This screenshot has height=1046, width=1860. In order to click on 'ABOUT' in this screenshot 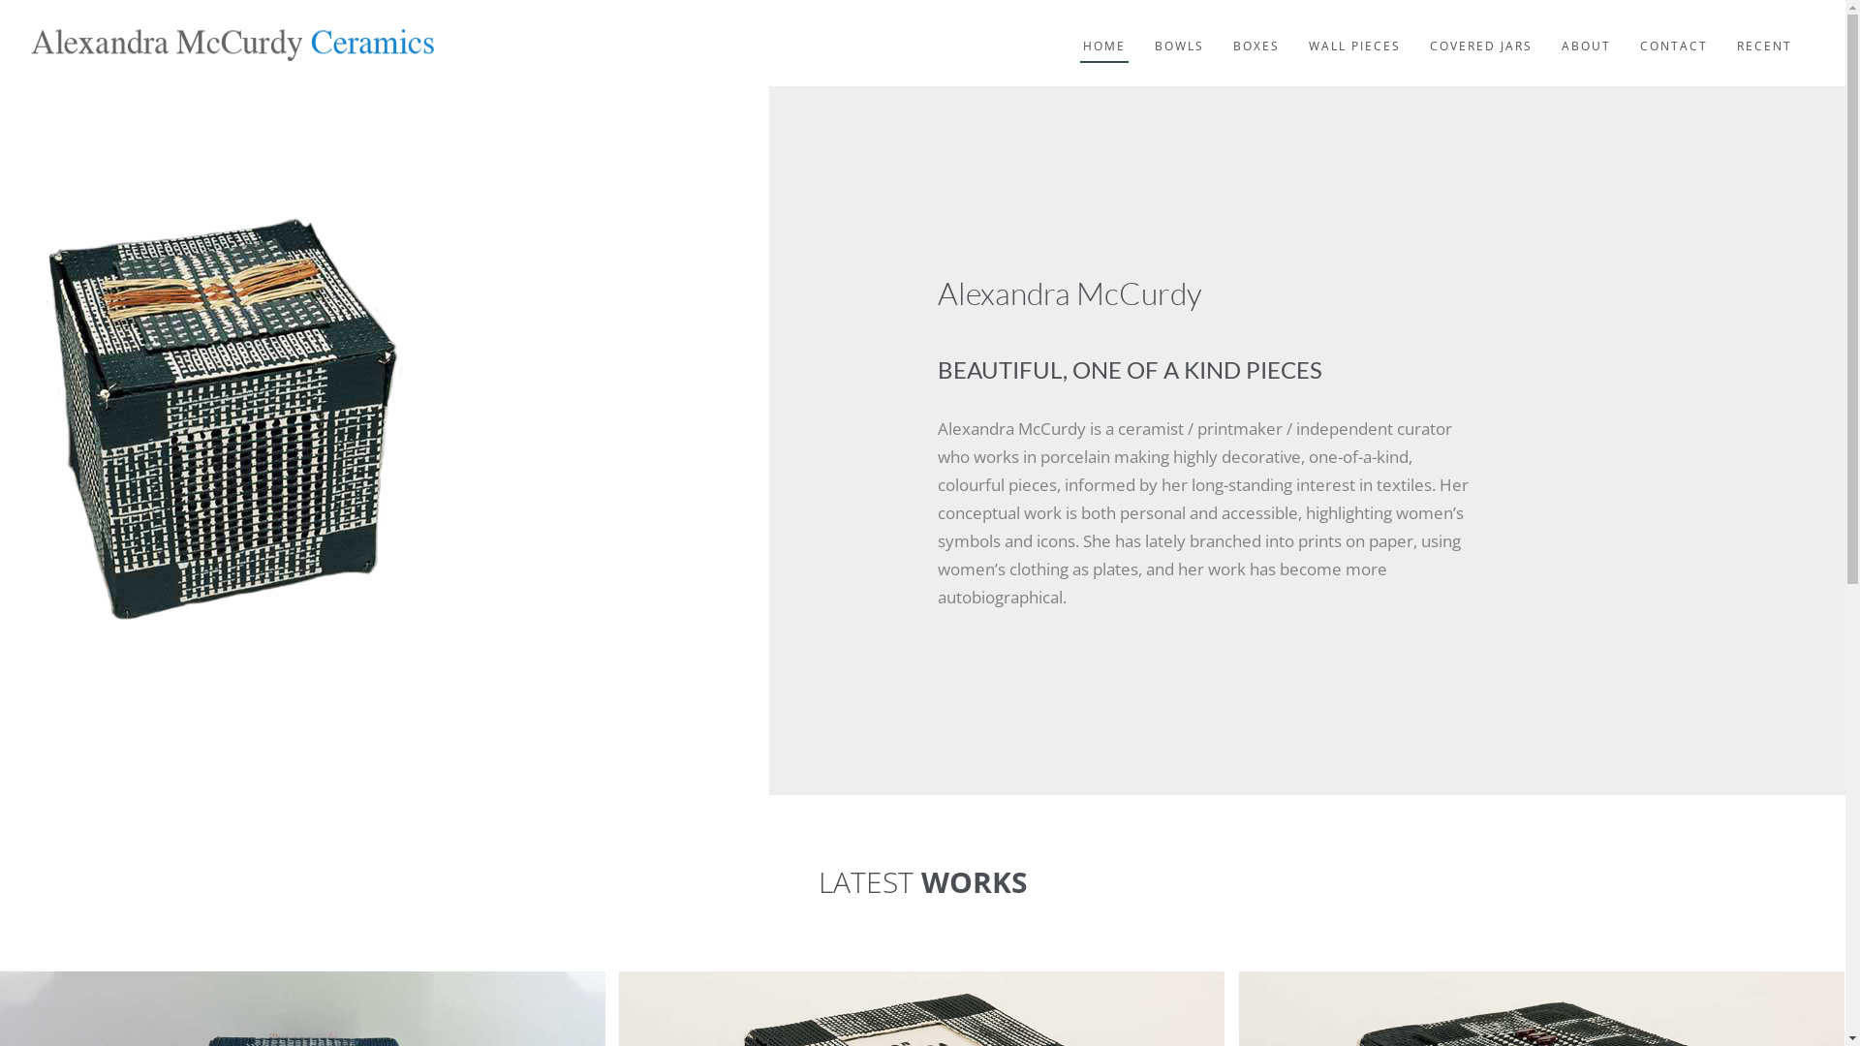, I will do `click(1586, 31)`.